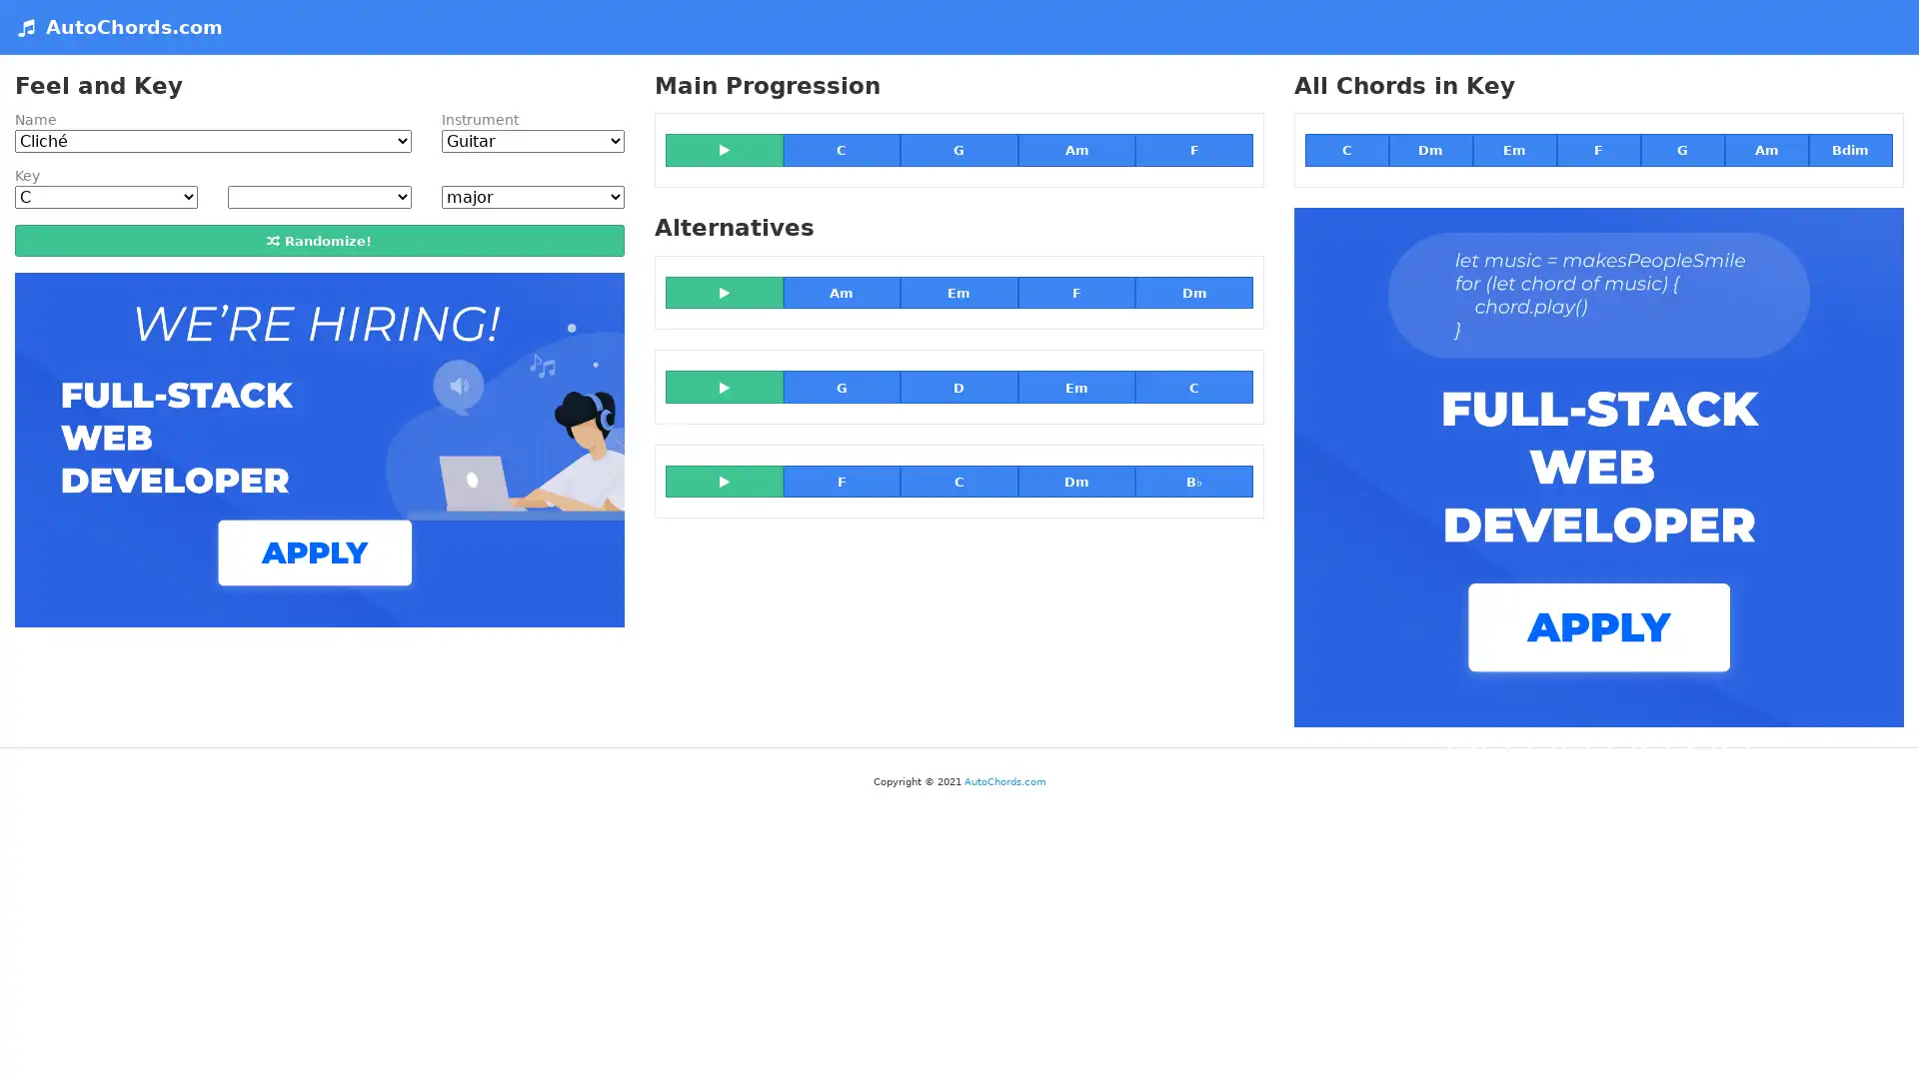 The height and width of the screenshot is (1079, 1919). Describe the element at coordinates (841, 293) in the screenshot. I see `Am` at that location.